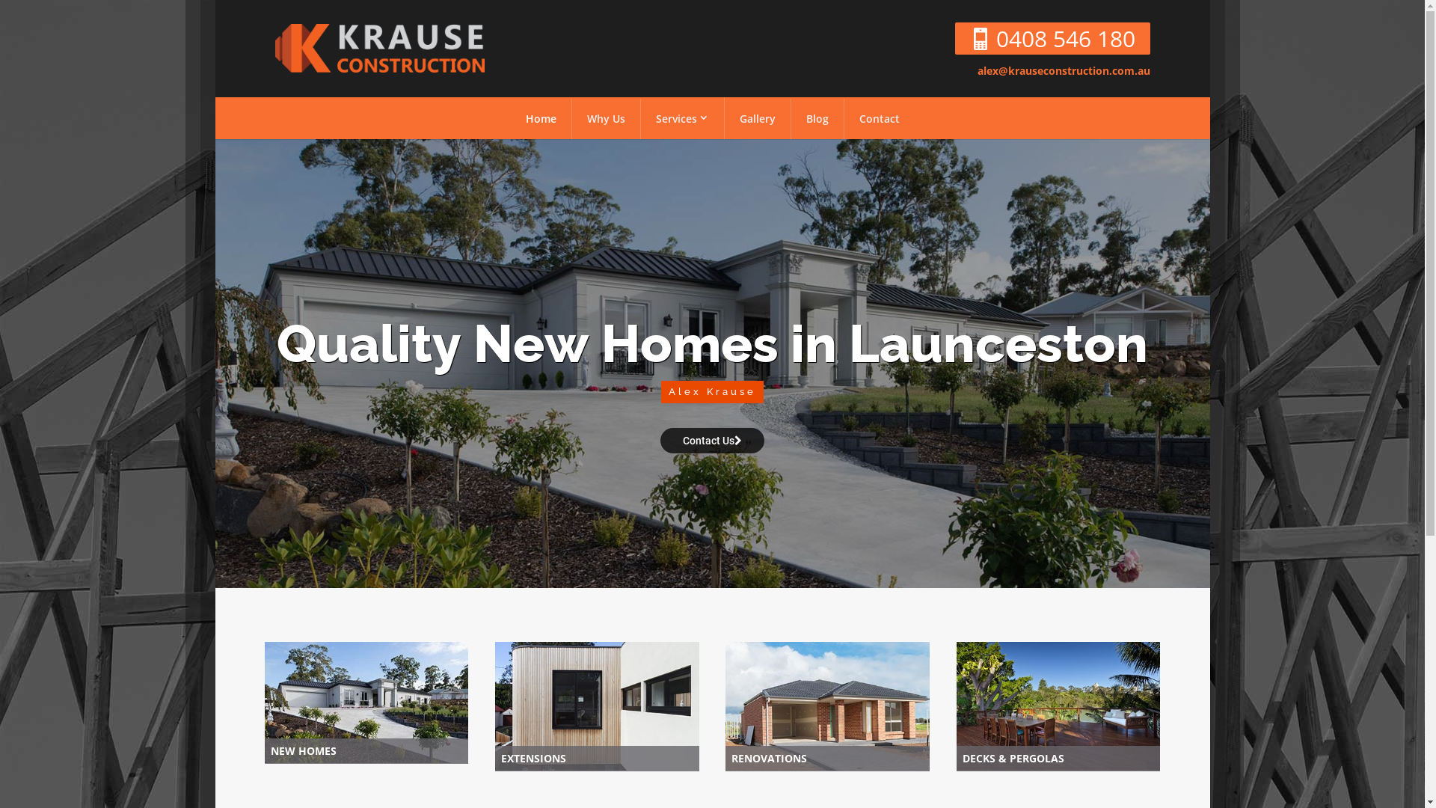  Describe the element at coordinates (817, 117) in the screenshot. I see `'Blog'` at that location.